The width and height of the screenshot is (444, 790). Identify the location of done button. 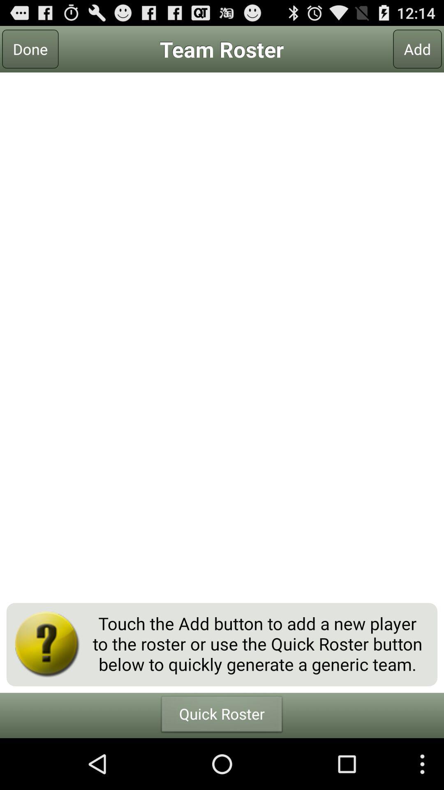
(30, 49).